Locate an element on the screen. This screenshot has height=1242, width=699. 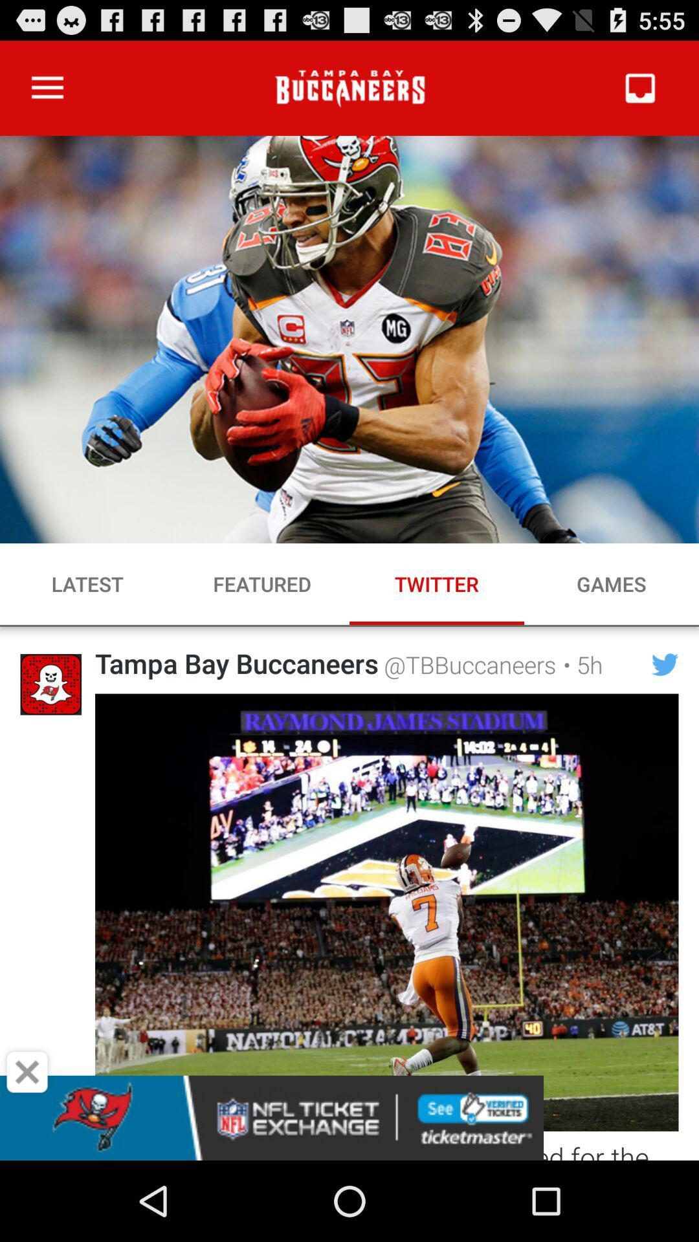
open advertisement is located at coordinates (349, 1117).